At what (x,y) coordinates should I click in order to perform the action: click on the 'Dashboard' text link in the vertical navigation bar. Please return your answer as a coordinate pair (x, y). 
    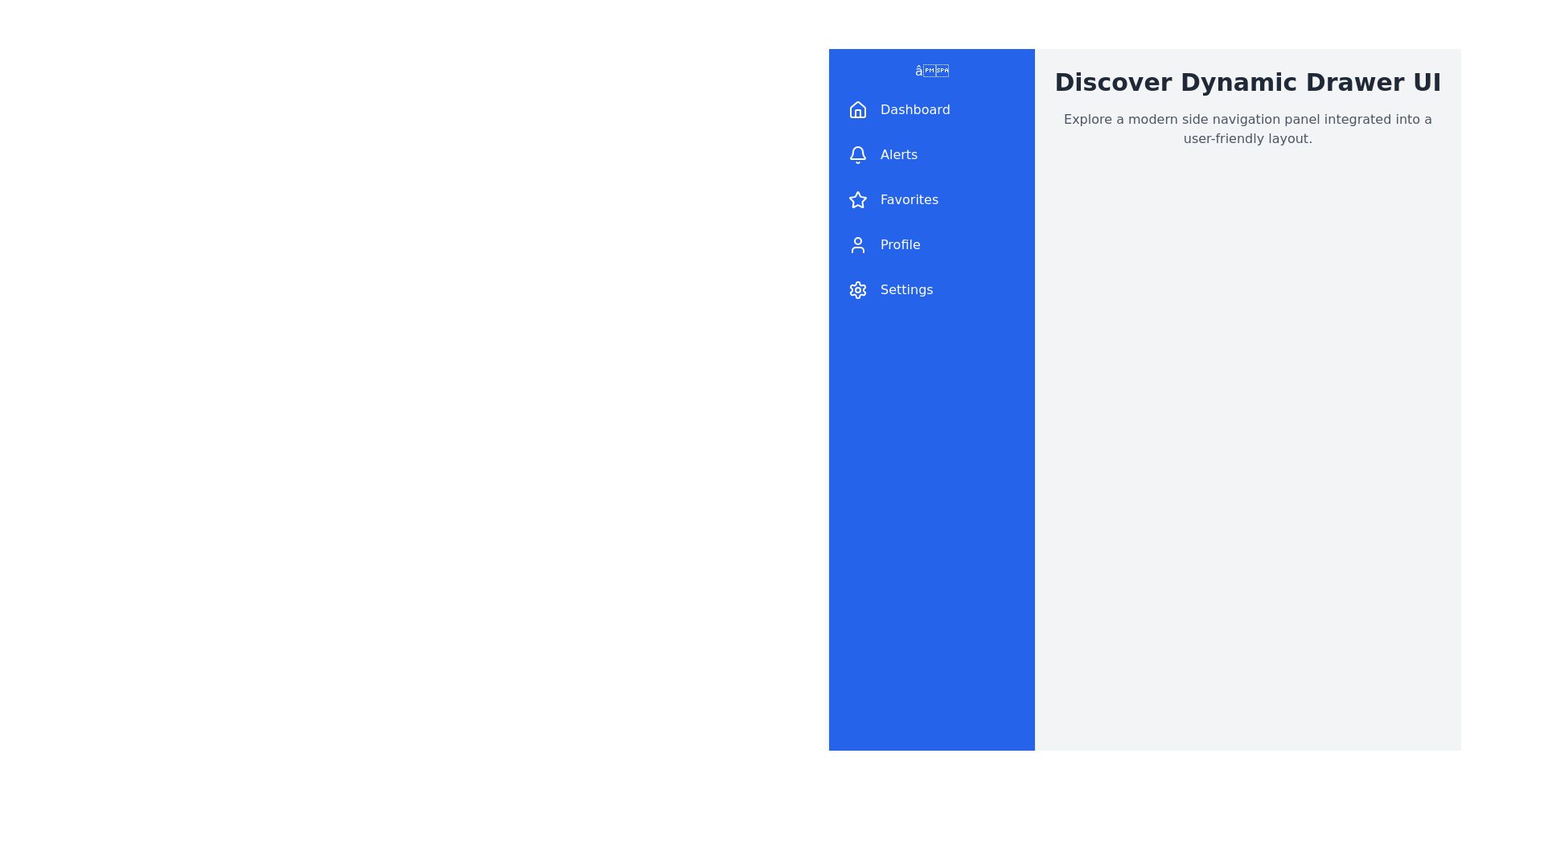
    Looking at the image, I should click on (915, 109).